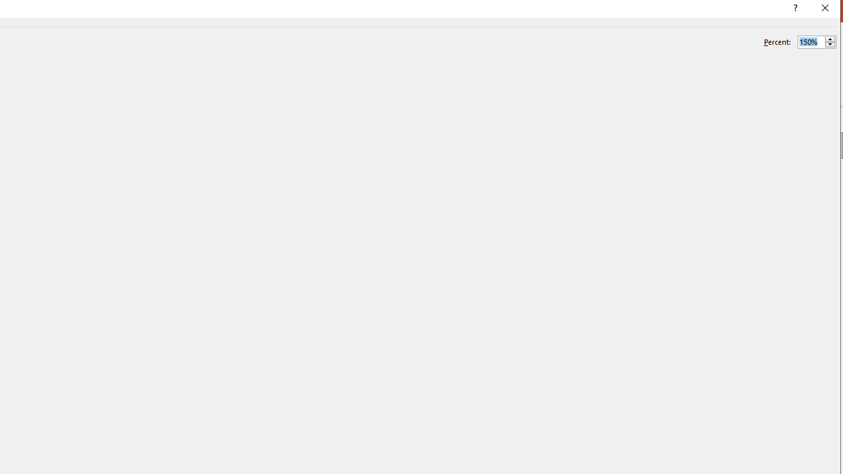  I want to click on 'Percent', so click(811, 41).